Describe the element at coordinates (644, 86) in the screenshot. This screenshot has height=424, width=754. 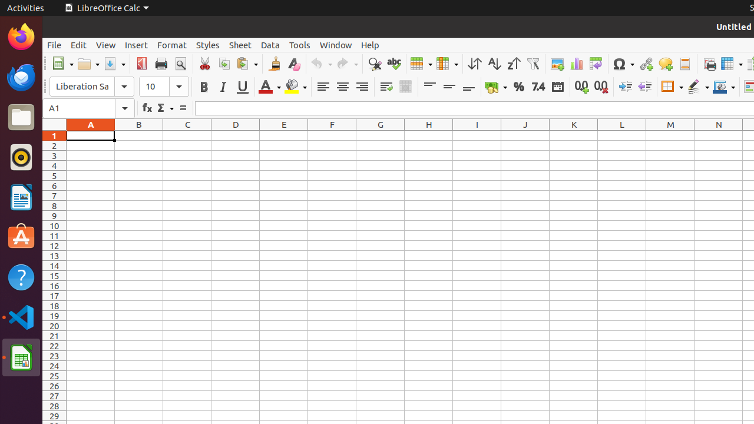
I see `'Decrease'` at that location.